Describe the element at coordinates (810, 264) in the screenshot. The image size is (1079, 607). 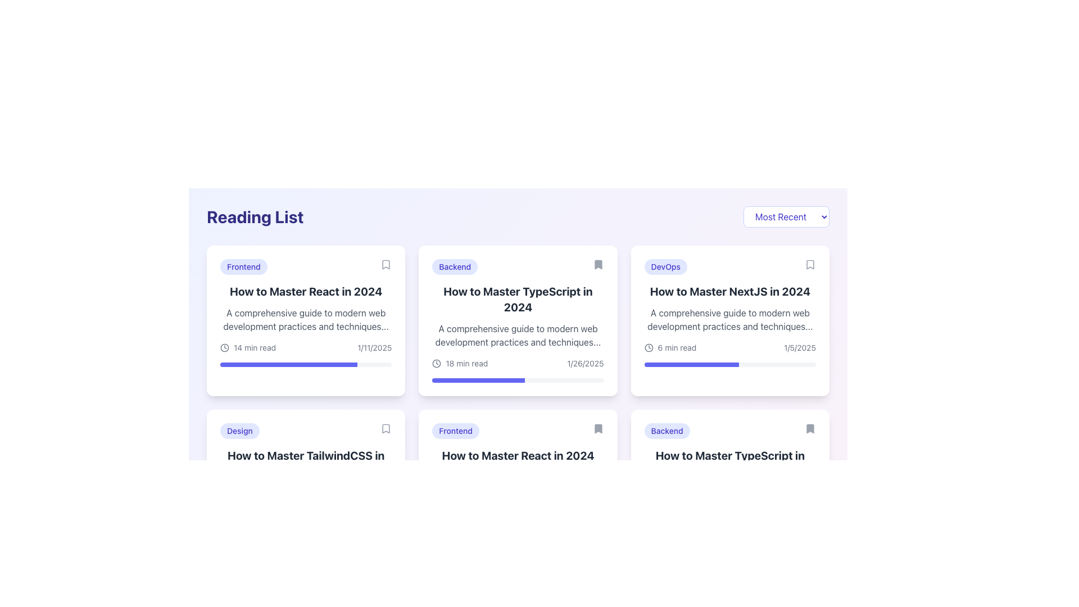
I see `the bookmark icon located in the top-right corner of the card titled 'How to Master NextJS in 2024'` at that location.